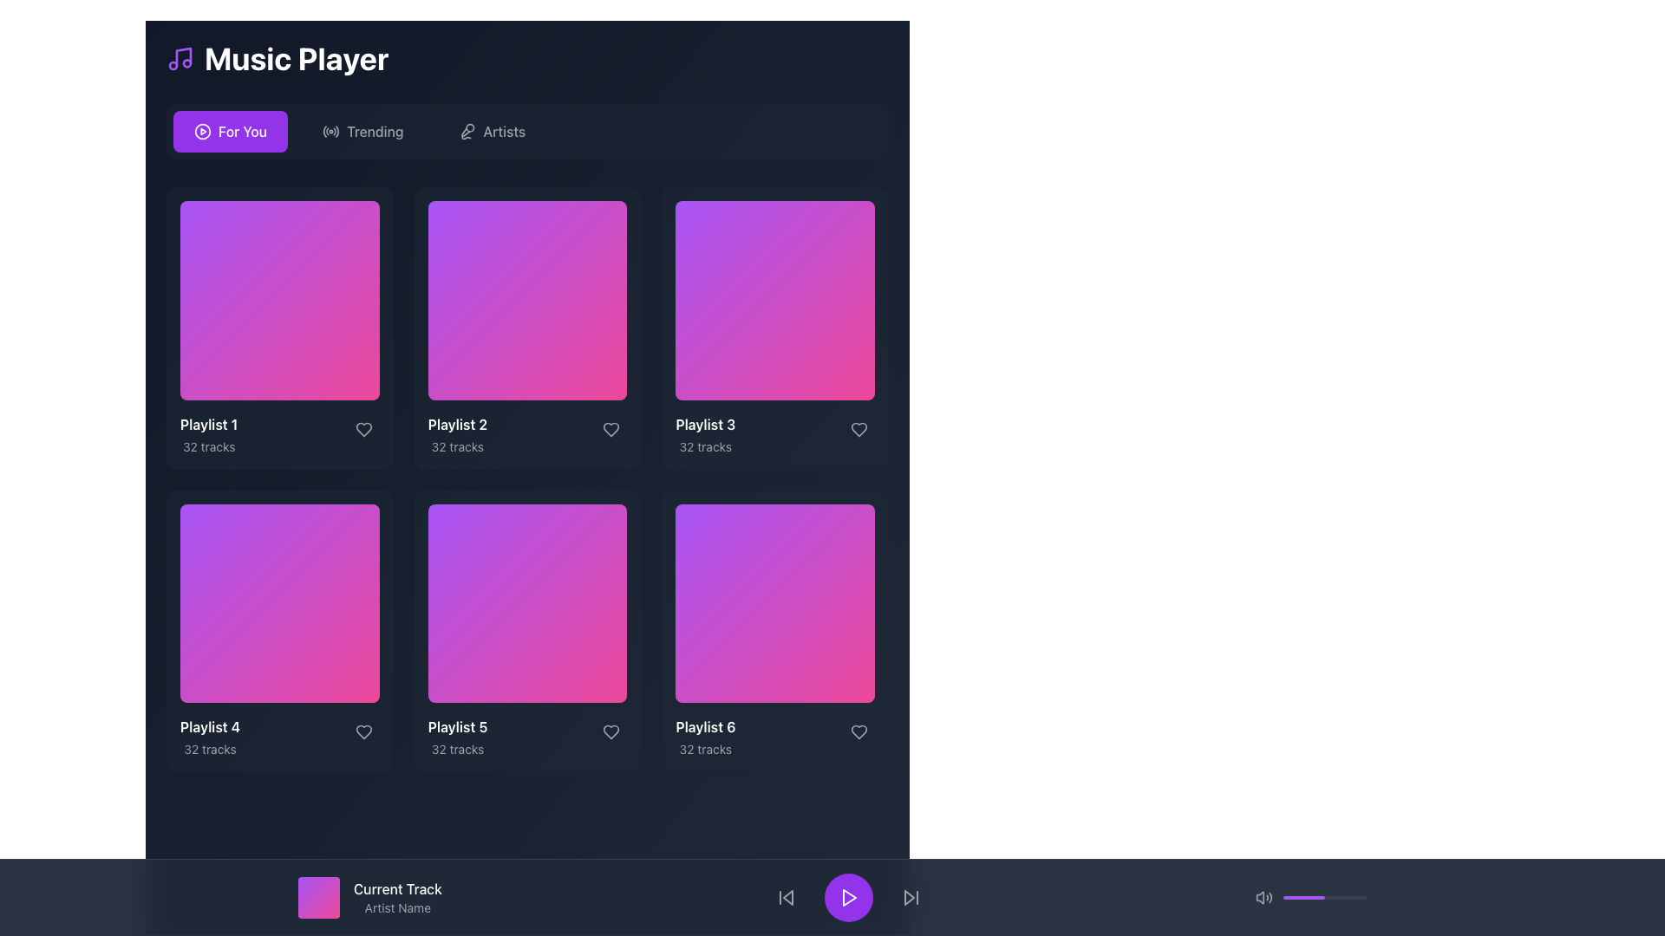 The width and height of the screenshot is (1665, 936). What do you see at coordinates (362, 732) in the screenshot?
I see `the fourth heart icon located in the bottom-right corner of the fourth playlist card to mark the playlist as a favorite` at bounding box center [362, 732].